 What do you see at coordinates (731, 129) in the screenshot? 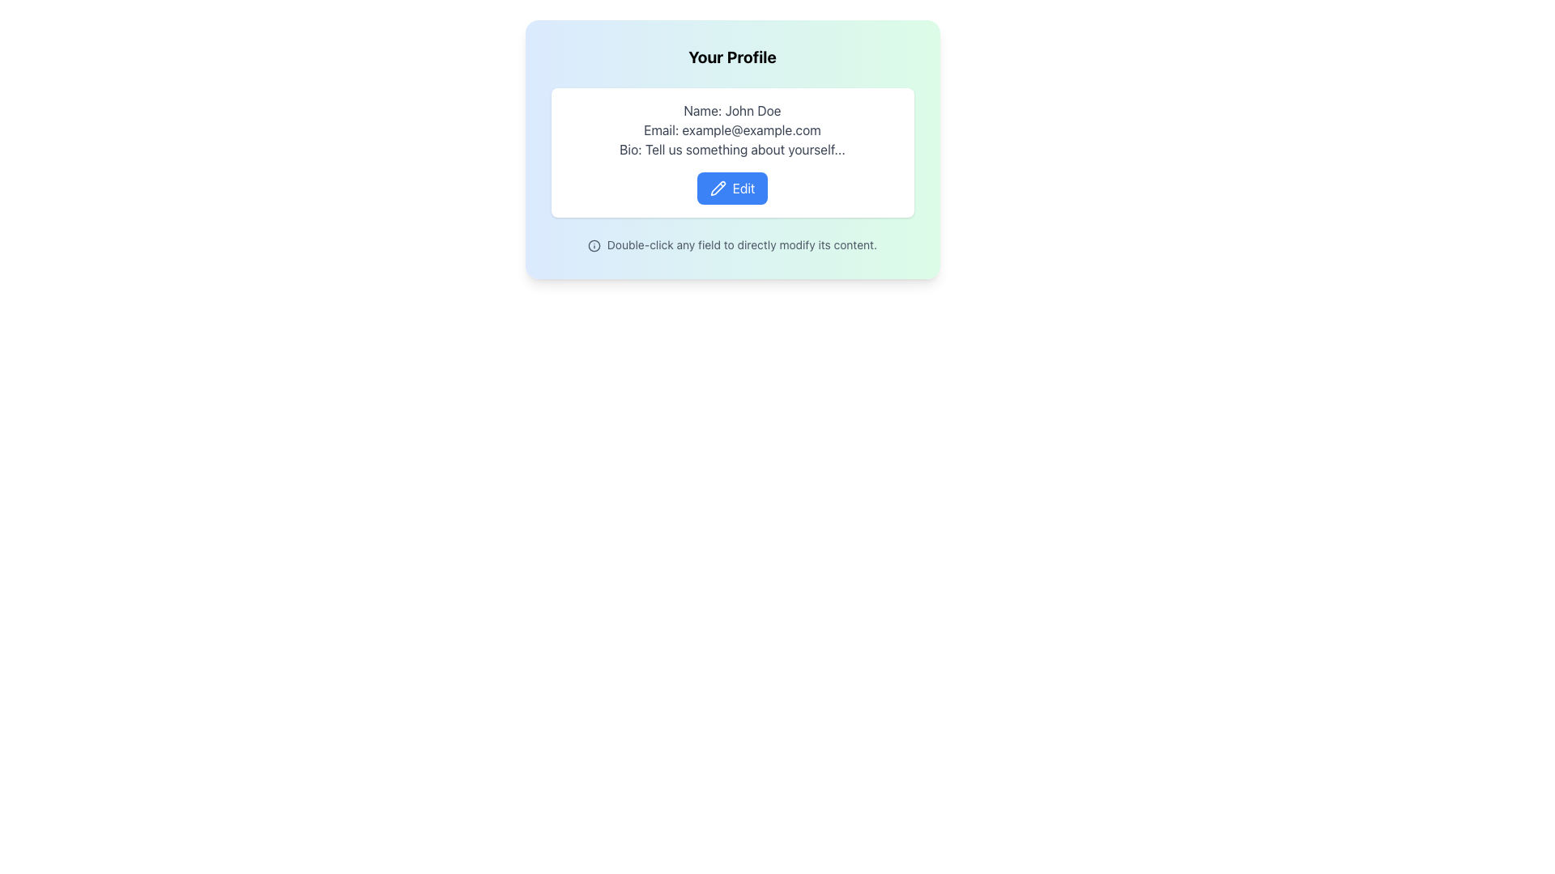
I see `the Text label displaying 'Email: example@example.com', which is located beneath the 'Name: John Doe' section and above the 'Bio: Tell us something about yourself...' section` at bounding box center [731, 129].